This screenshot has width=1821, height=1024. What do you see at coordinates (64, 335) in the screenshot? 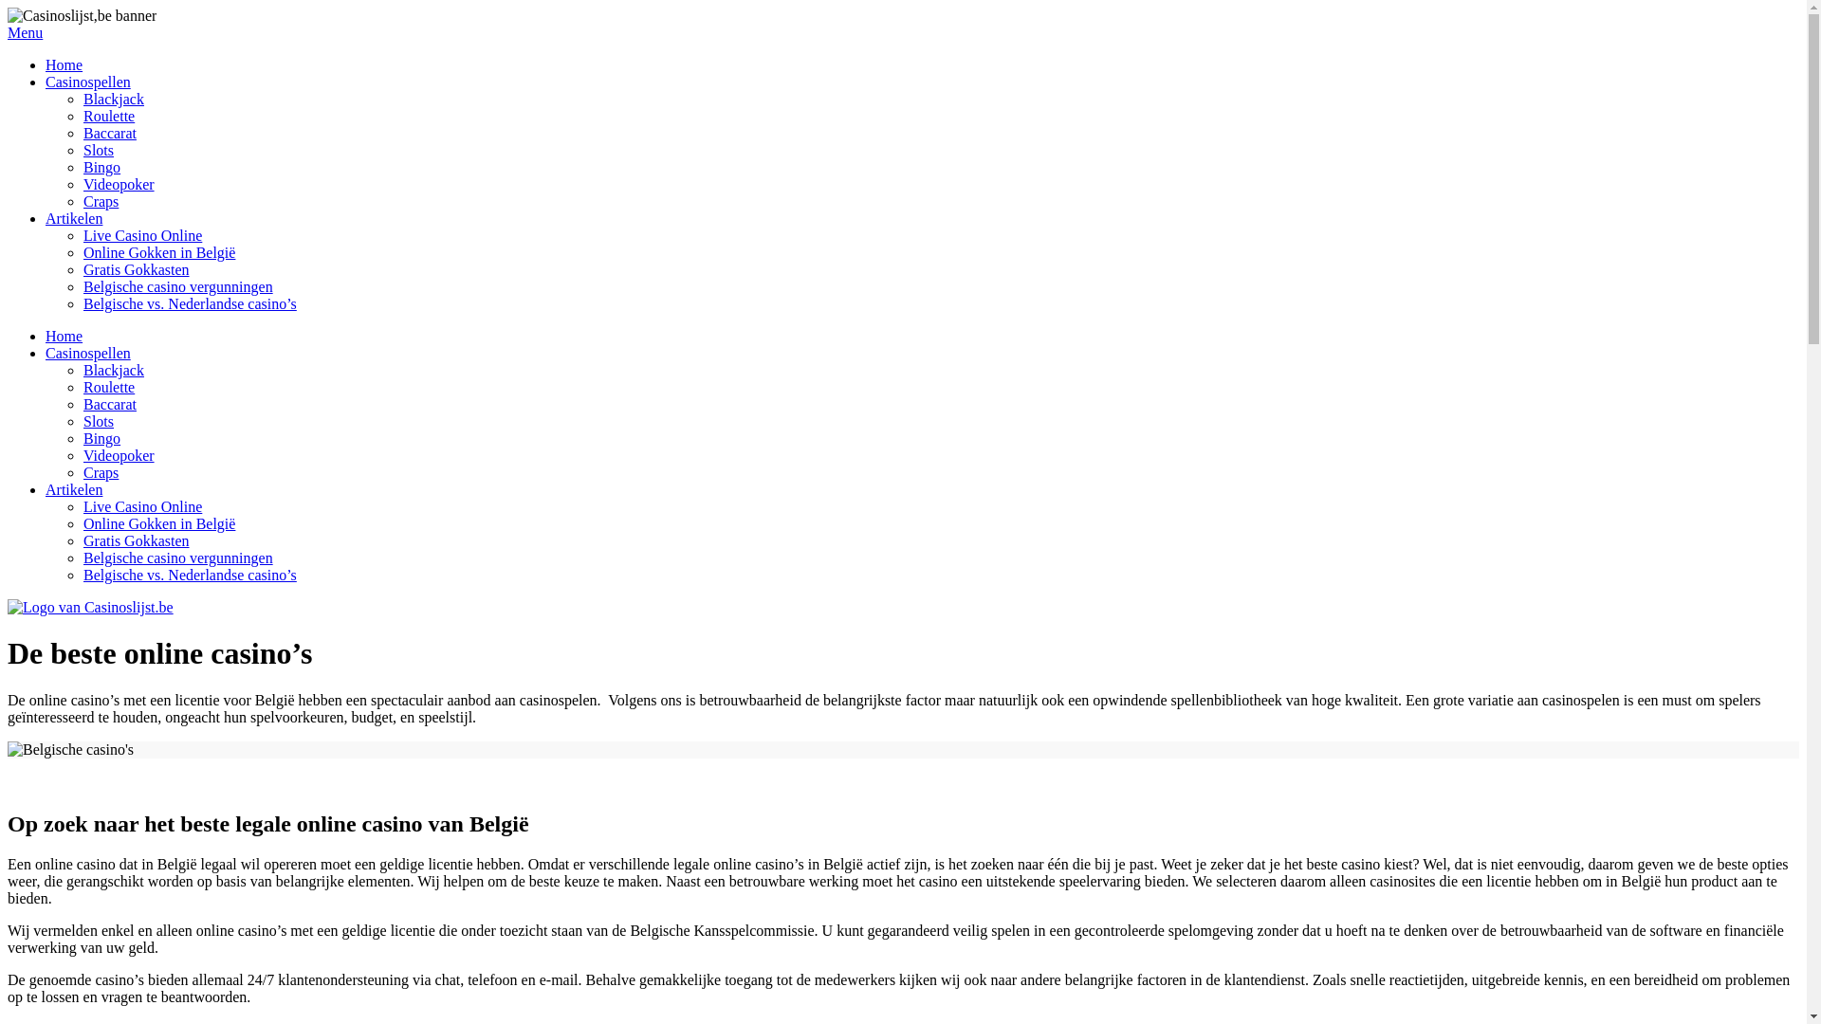
I see `'Home'` at bounding box center [64, 335].